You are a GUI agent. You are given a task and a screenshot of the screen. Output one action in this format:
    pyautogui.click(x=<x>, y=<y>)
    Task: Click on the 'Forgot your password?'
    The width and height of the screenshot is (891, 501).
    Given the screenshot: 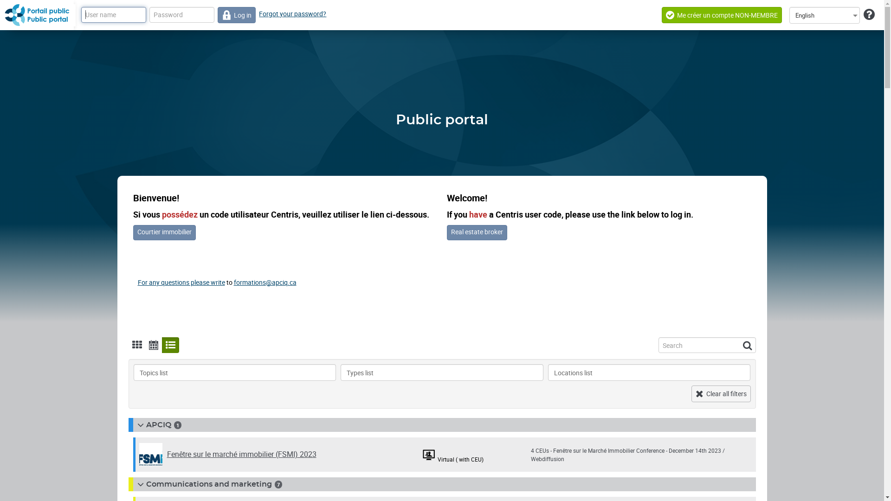 What is the action you would take?
    pyautogui.click(x=292, y=14)
    